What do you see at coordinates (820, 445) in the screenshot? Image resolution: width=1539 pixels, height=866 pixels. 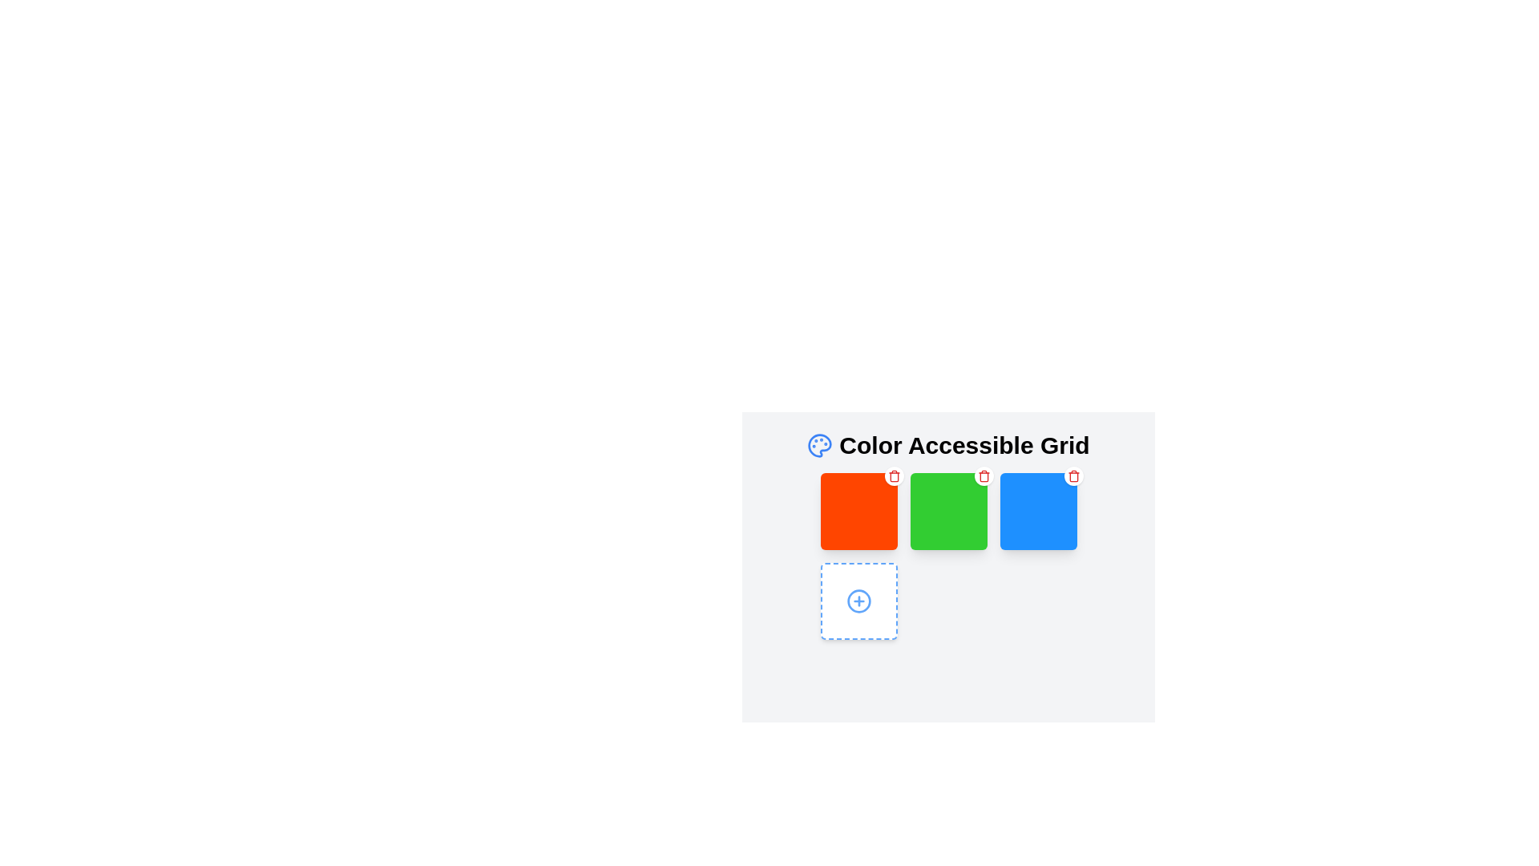 I see `the palette icon located in the upper-left corner of the interface, adjacent to the 'Color Accessible Grid' title` at bounding box center [820, 445].